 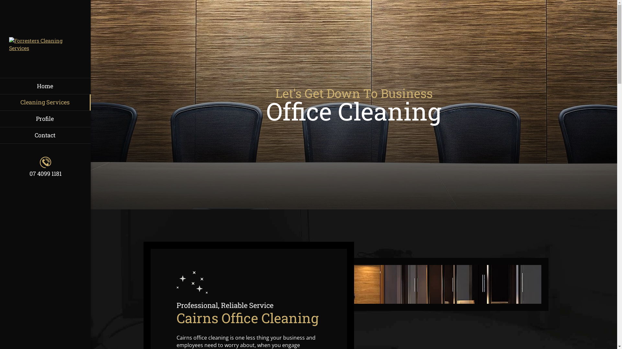 I want to click on 'Profile', so click(x=45, y=119).